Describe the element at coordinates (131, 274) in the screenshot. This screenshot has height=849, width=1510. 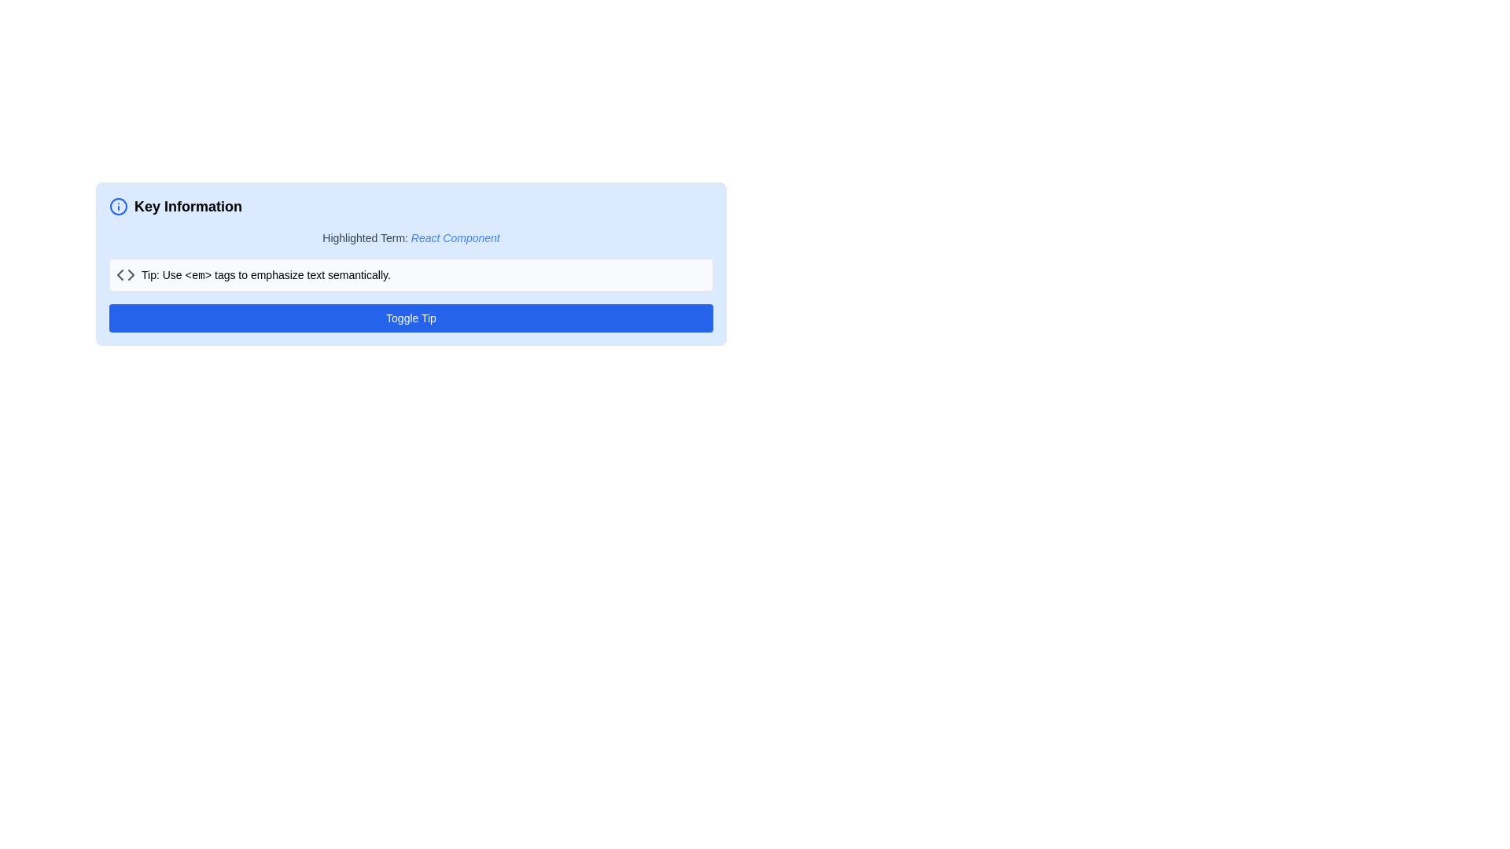
I see `the rightmost SVG arrow element that indicates direction within the left-pointing arrow glyph, located near the text 'Tip: Use <em> tags to emphasize text semantically.'` at that location.